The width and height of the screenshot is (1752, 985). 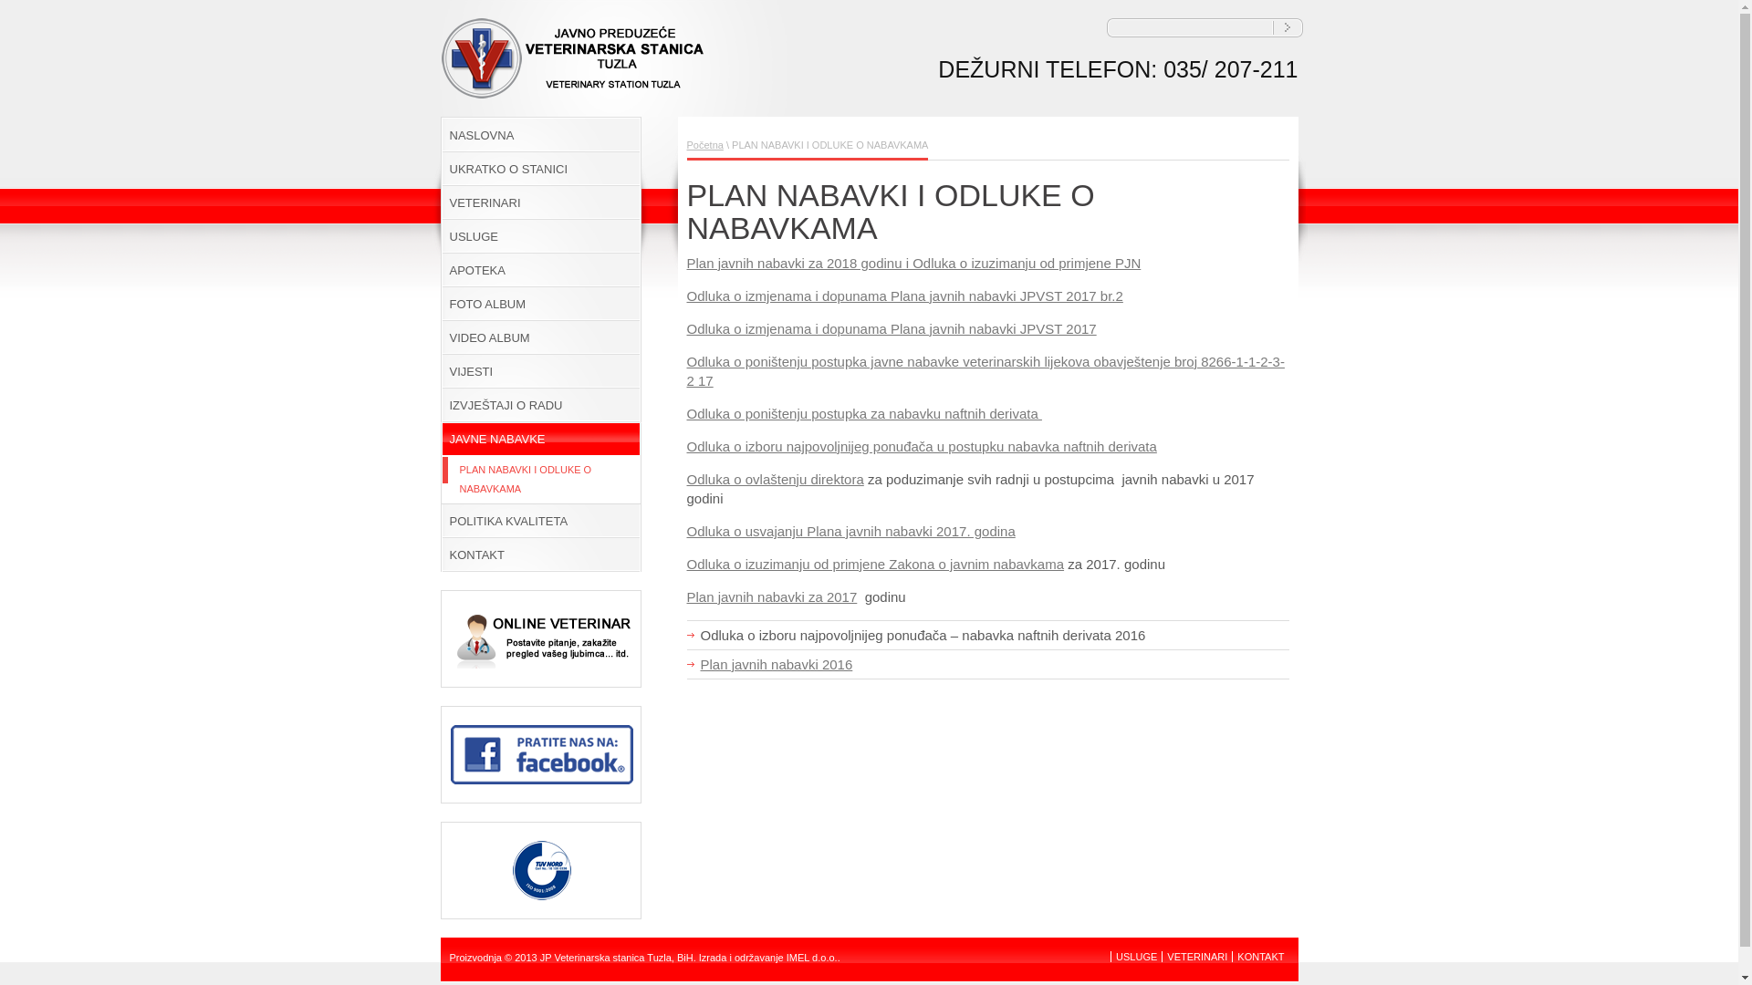 I want to click on 'VETERINARI', so click(x=538, y=202).